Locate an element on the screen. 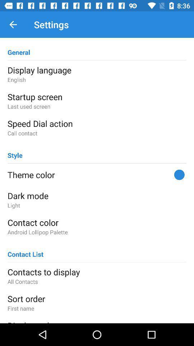 This screenshot has width=194, height=346. the item above the first name is located at coordinates (97, 298).